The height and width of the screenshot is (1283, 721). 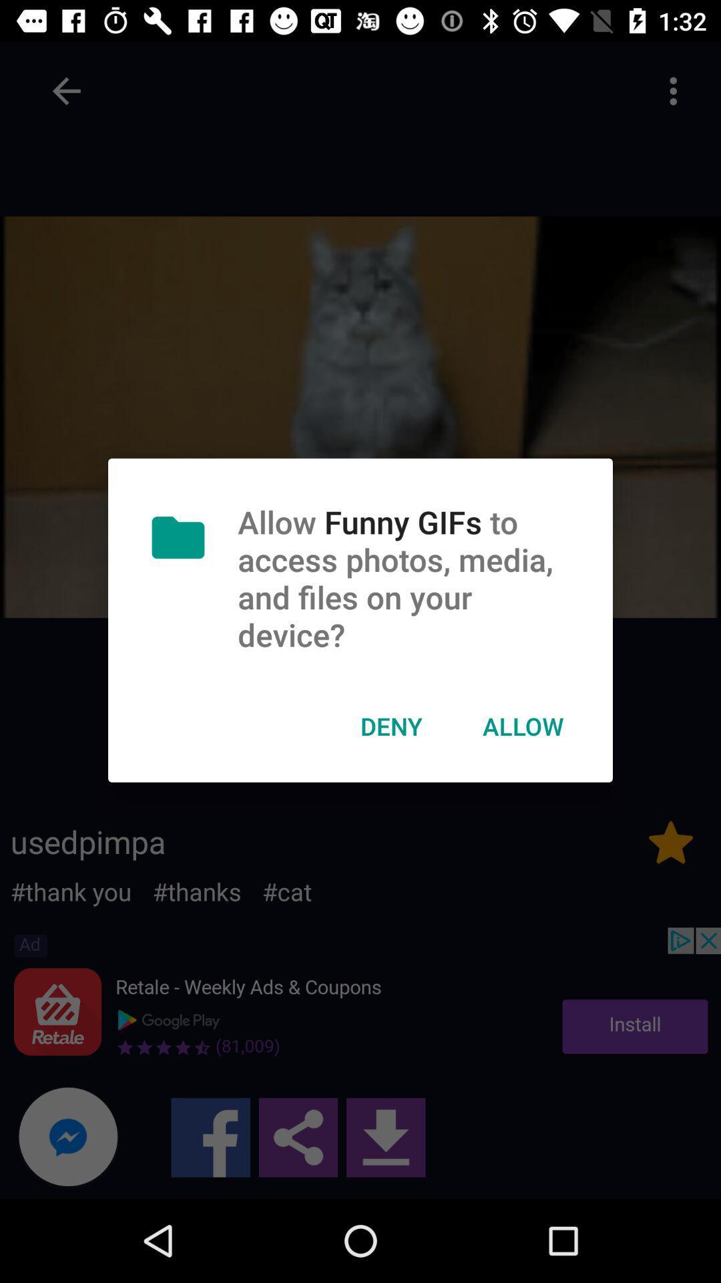 I want to click on previous, so click(x=66, y=90).